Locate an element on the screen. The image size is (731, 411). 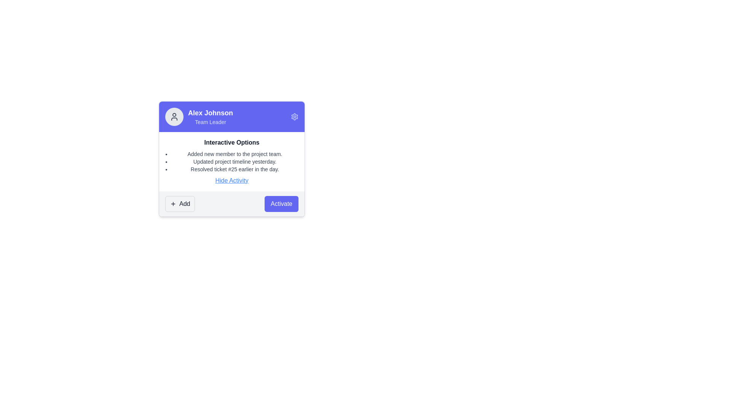
the decorative icon located in the top-left corner of the card, which is aligned to the left of the 'Alex Johnson' text is located at coordinates (174, 117).